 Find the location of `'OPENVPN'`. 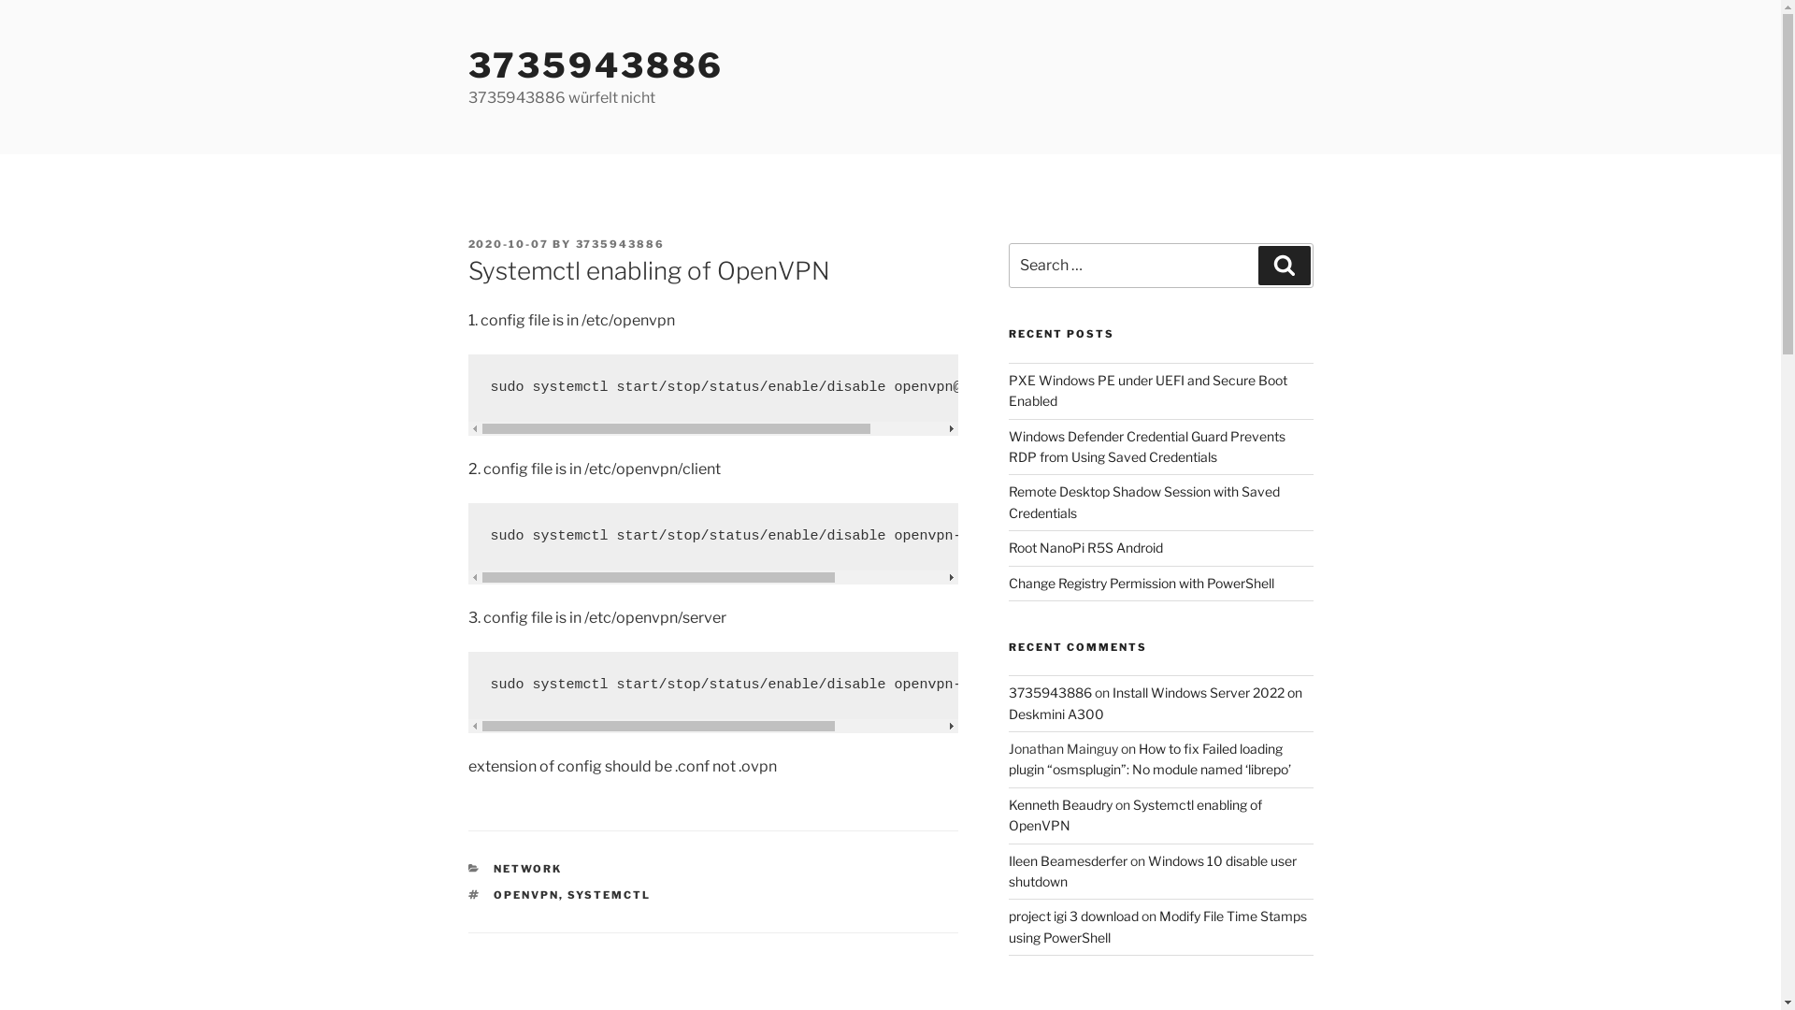

'OPENVPN' is located at coordinates (494, 893).